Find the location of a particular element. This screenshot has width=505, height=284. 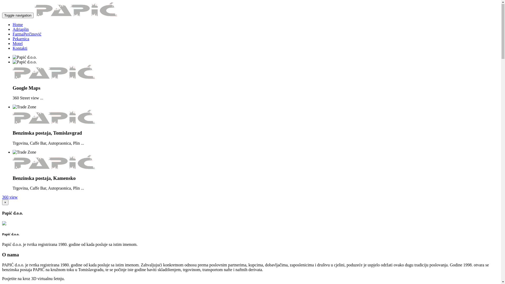

'Toggle navigation' is located at coordinates (18, 15).